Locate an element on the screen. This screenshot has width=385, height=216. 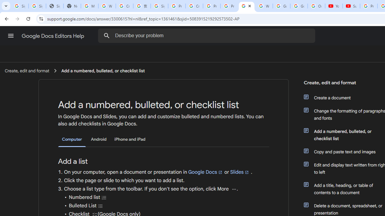
'Sign in - Google Accounts' is located at coordinates (159, 6).